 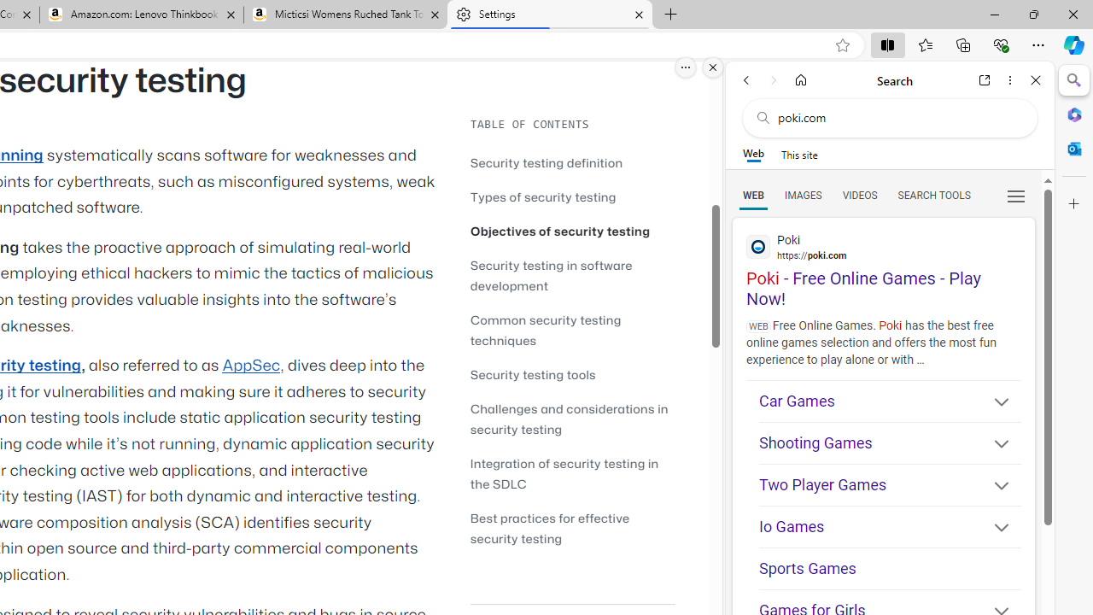 What do you see at coordinates (994, 444) in the screenshot?
I see `'Show More Shooting Games'` at bounding box center [994, 444].